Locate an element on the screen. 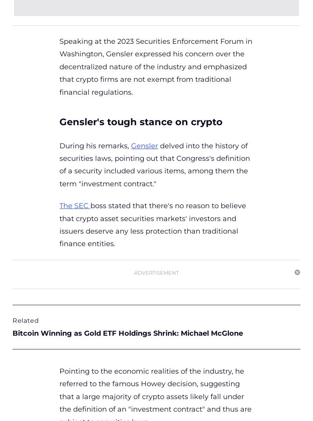 The image size is (313, 421). 'Related' is located at coordinates (25, 320).